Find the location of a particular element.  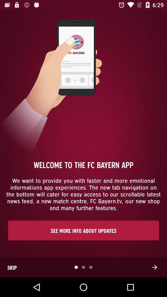

see more info item is located at coordinates (83, 230).